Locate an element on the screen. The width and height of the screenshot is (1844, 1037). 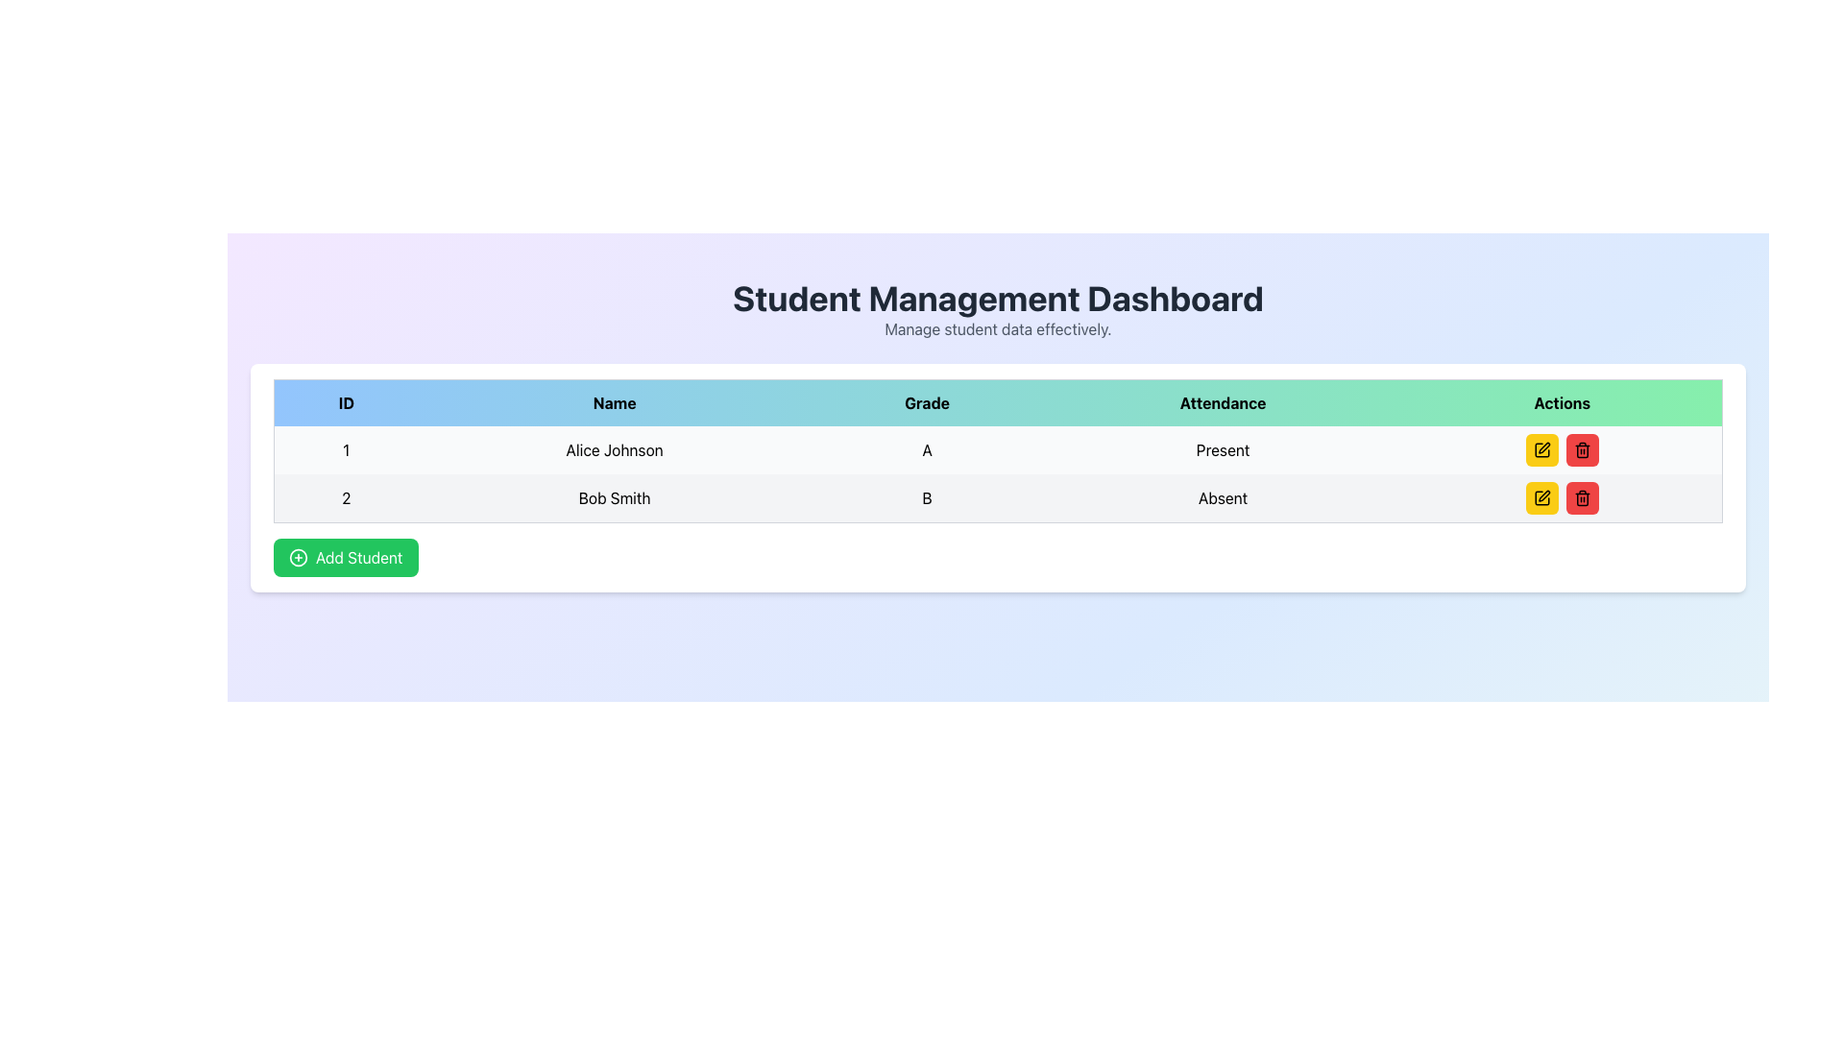
the circular '+' icon located on the left side of the green 'Add Student' button, positioned below the student records table is located at coordinates (298, 558).